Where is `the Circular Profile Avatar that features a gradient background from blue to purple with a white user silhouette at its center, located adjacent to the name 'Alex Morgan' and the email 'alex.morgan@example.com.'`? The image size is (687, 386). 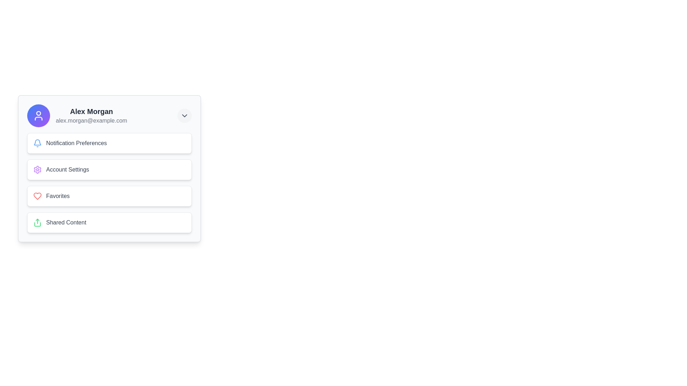 the Circular Profile Avatar that features a gradient background from blue to purple with a white user silhouette at its center, located adjacent to the name 'Alex Morgan' and the email 'alex.morgan@example.com.' is located at coordinates (38, 115).